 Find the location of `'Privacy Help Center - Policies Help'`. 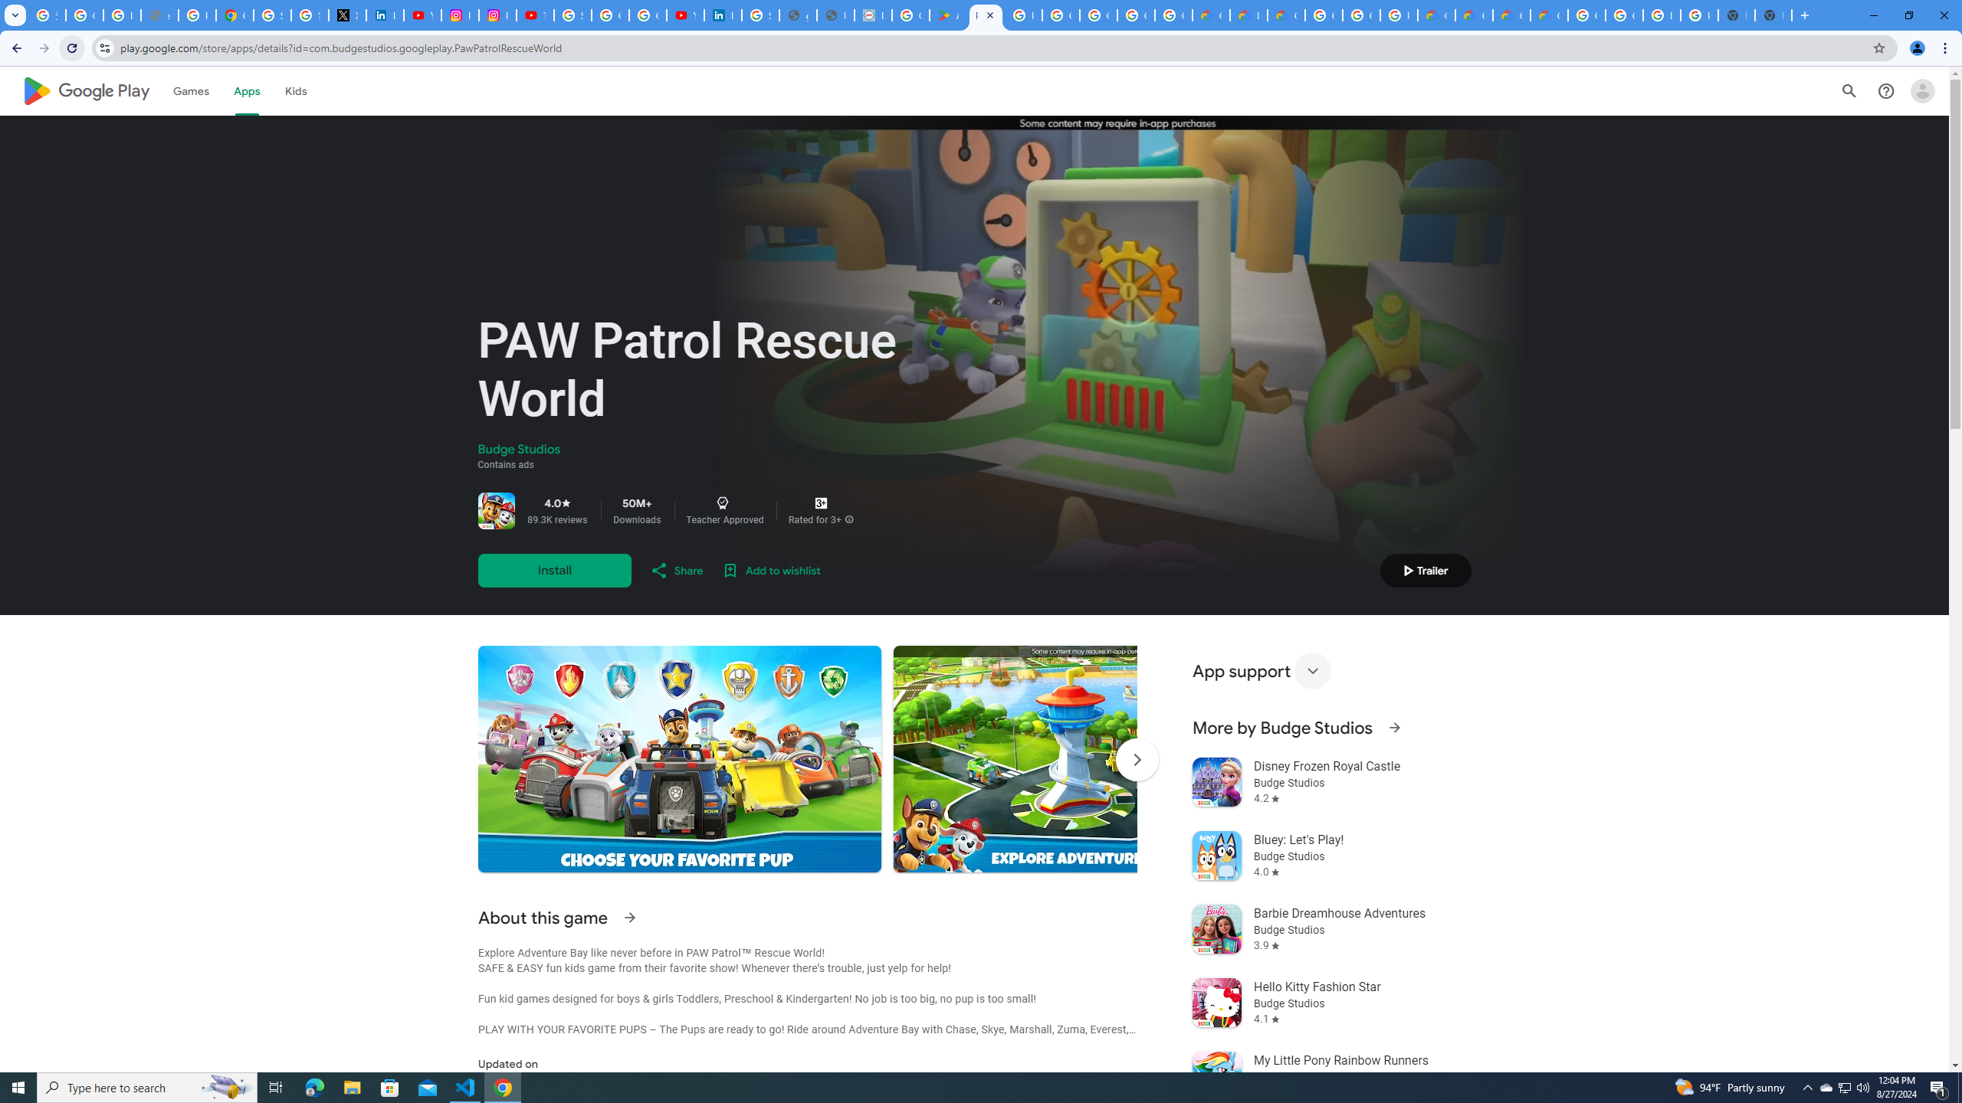

'Privacy Help Center - Policies Help' is located at coordinates (197, 15).